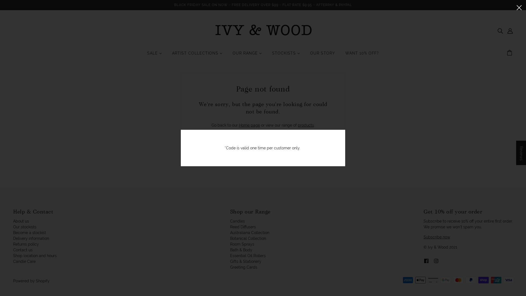 This screenshot has width=526, height=296. What do you see at coordinates (239, 125) in the screenshot?
I see `'Home page'` at bounding box center [239, 125].